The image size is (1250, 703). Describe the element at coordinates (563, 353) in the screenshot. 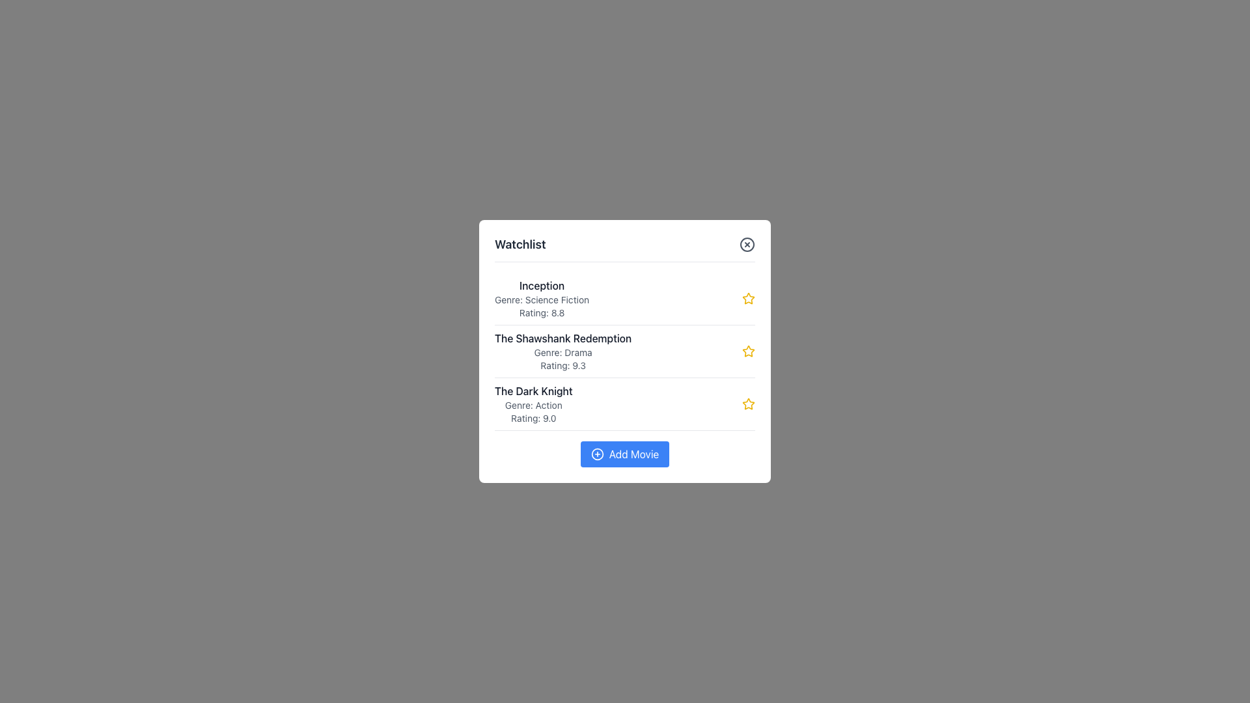

I see `the Text Label indicating the genre of the movie 'The Shawshank Redemption', which displays 'Drama'` at that location.